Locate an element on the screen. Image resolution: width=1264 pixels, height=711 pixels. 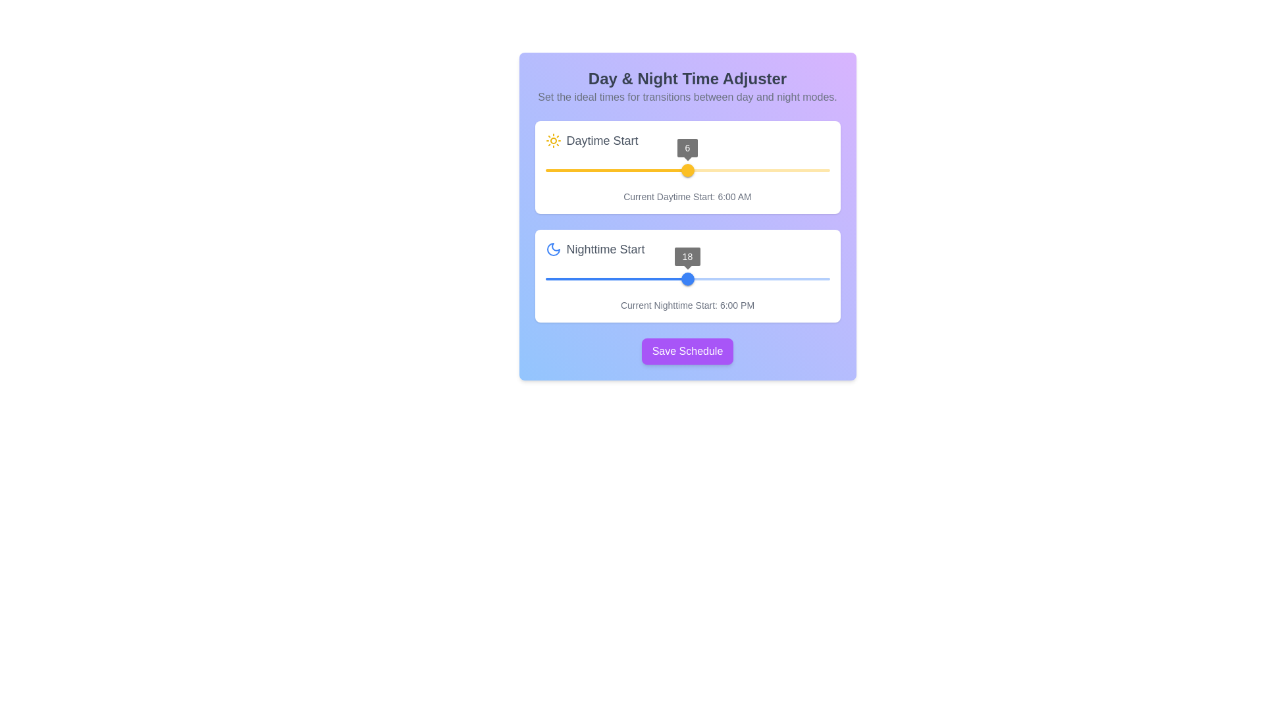
text of the main header located at the top-center of the card-like interface, summarizing the purpose or context of the interface below it is located at coordinates (687, 78).